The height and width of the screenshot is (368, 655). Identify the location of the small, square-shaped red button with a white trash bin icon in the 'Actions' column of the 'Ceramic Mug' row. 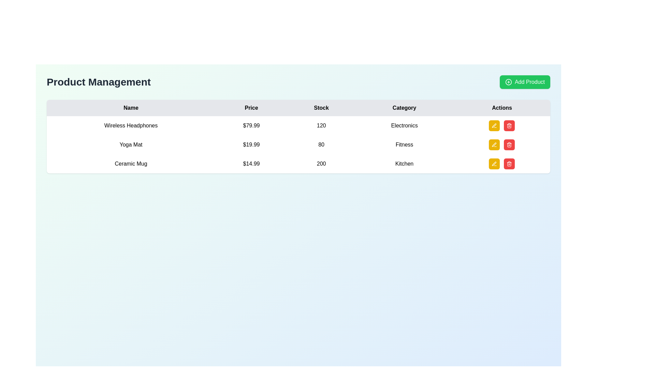
(509, 144).